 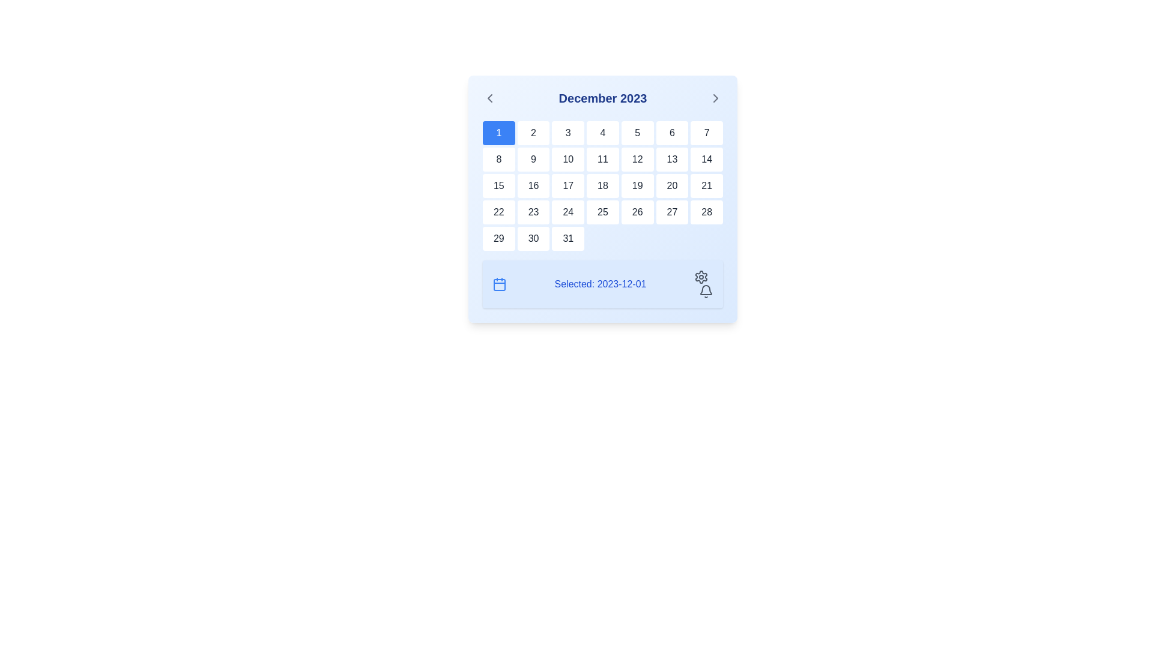 I want to click on the calendar icon, which is positioned near the bottom section of the interface, to the left of the text displaying 'Selected: 2023-12-01', so click(x=499, y=284).